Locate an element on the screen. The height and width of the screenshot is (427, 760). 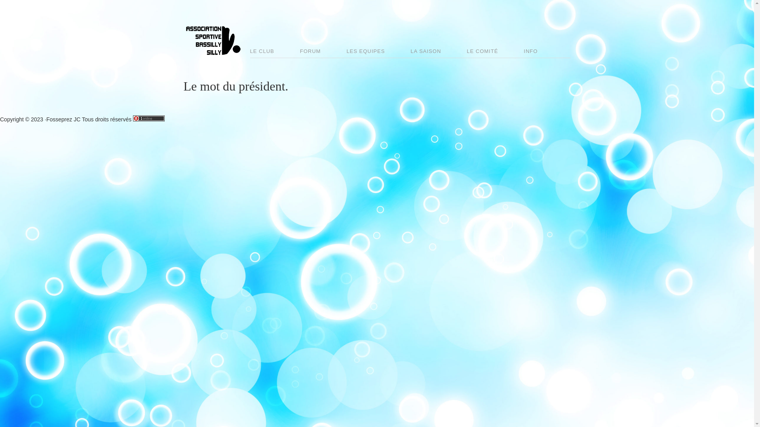
'LE CLUB' is located at coordinates (250, 52).